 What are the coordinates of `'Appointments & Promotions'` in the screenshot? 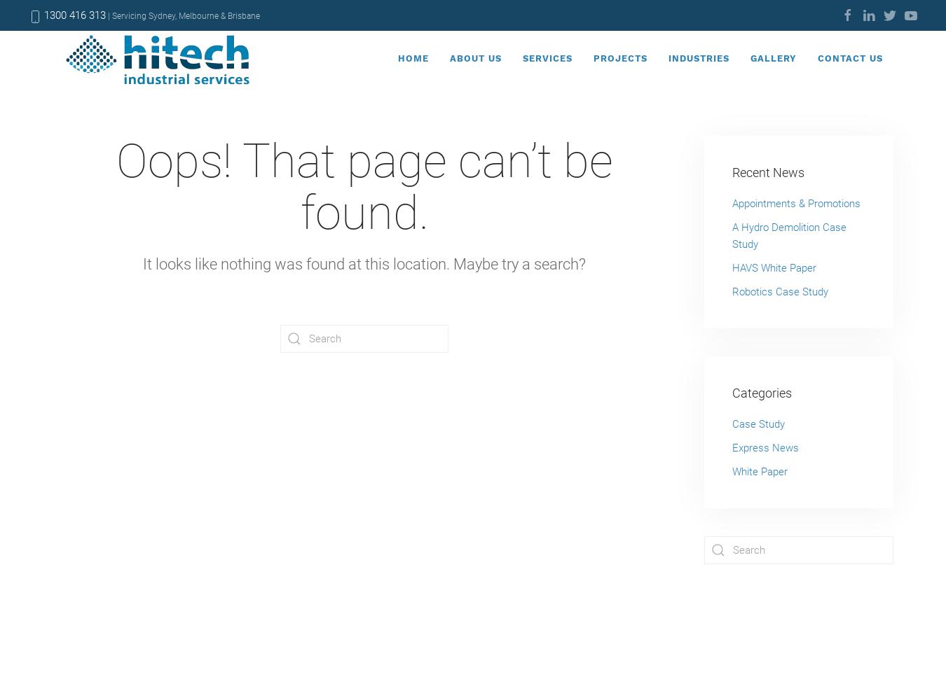 It's located at (732, 204).